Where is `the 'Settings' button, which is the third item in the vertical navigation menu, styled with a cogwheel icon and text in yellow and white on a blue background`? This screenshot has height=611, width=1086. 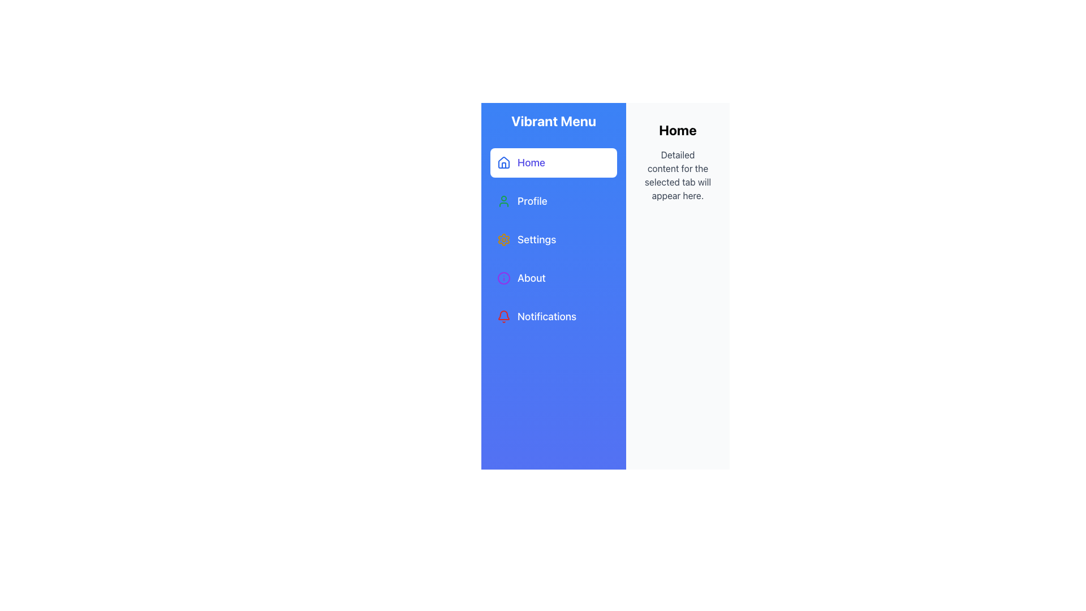 the 'Settings' button, which is the third item in the vertical navigation menu, styled with a cogwheel icon and text in yellow and white on a blue background is located at coordinates (554, 239).